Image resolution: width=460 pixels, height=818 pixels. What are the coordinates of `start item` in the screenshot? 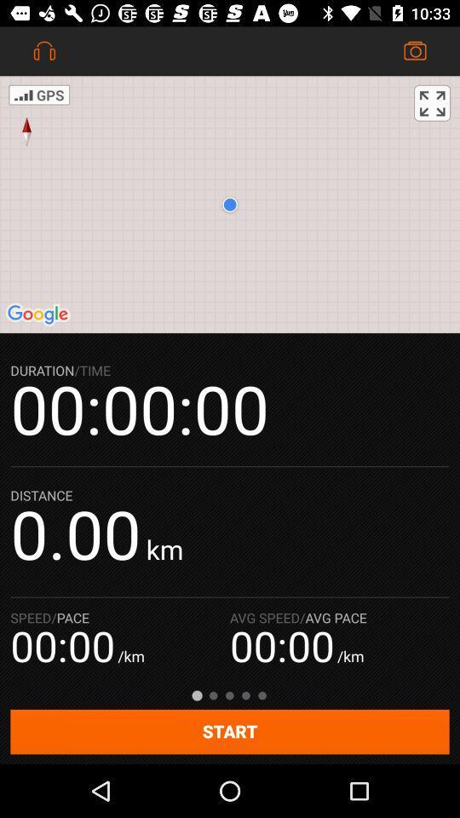 It's located at (230, 731).